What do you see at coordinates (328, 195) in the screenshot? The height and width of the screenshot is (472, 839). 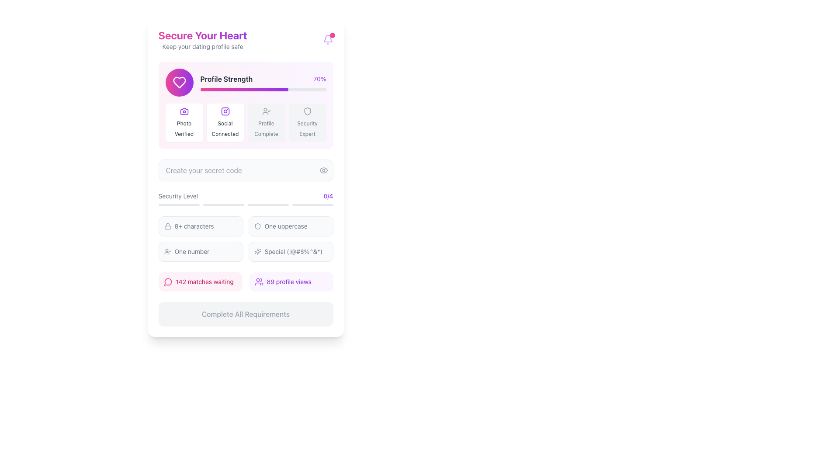 I see `the text label element displaying '0/4', styled in purple, located in the far-right portion of the 'Security Level' section` at bounding box center [328, 195].